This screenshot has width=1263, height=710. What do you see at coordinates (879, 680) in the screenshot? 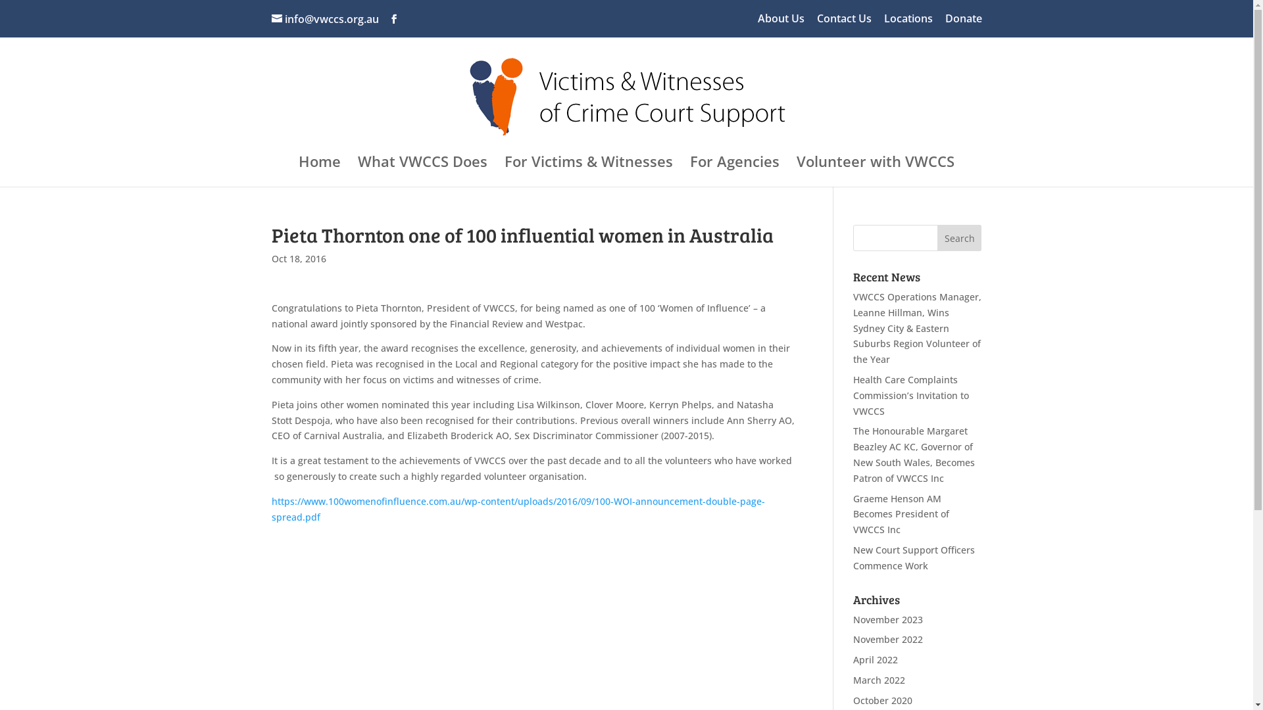
I see `'March 2022'` at bounding box center [879, 680].